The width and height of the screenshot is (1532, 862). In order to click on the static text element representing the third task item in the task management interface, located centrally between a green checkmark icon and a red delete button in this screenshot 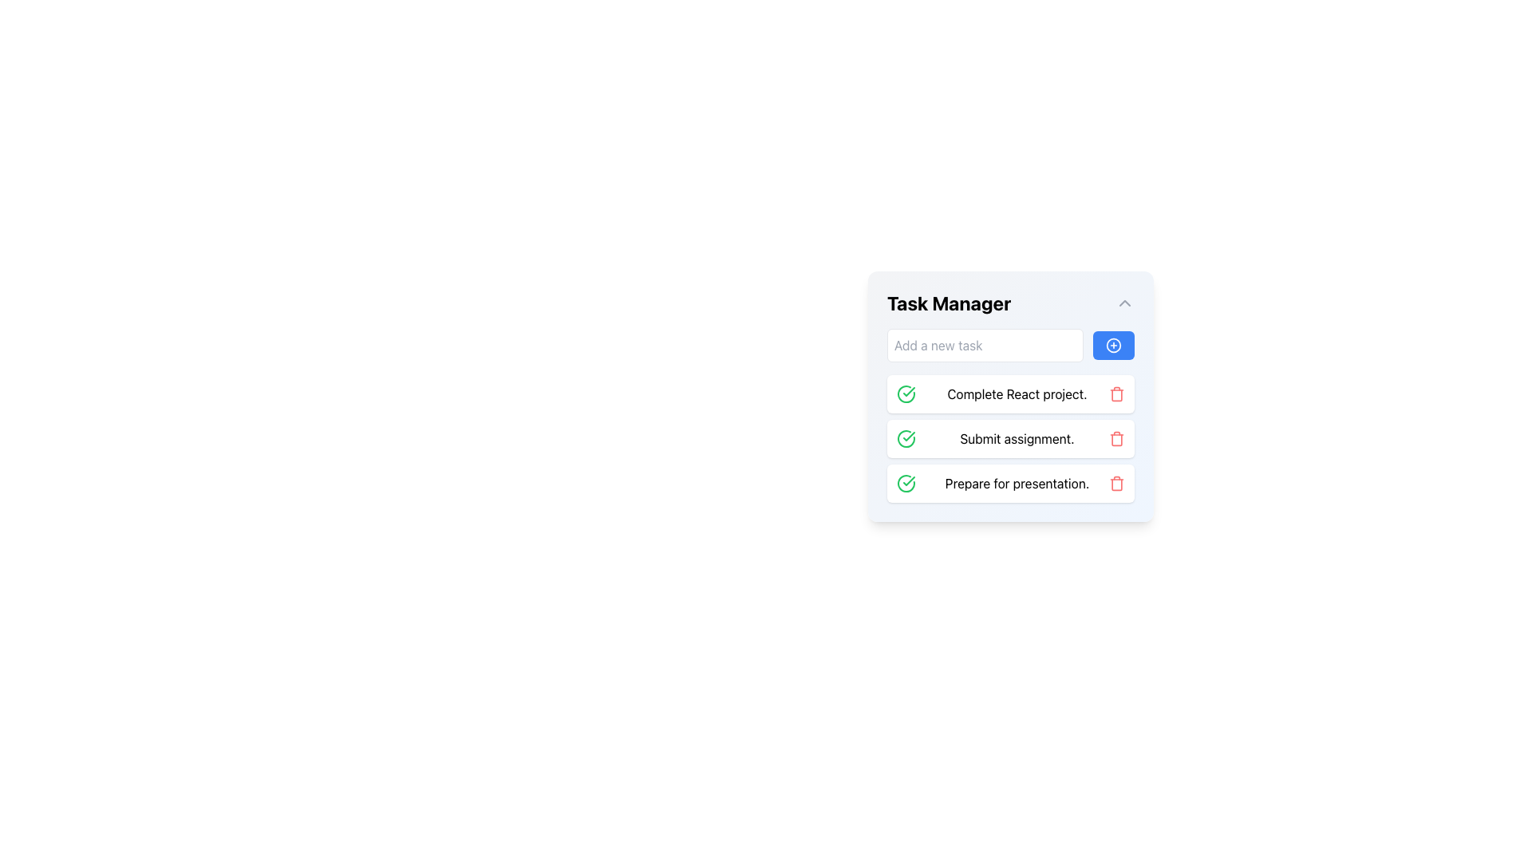, I will do `click(1017, 482)`.